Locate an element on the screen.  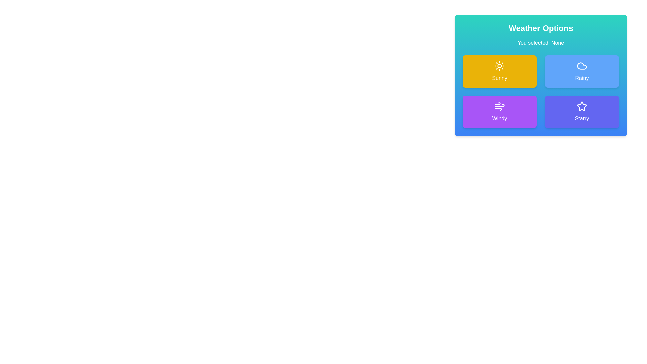
the 'Sunny' button, which is a rectangular button with a yellow background, white text, and a sun icon, located in the first row, first column of the grid is located at coordinates (500, 71).